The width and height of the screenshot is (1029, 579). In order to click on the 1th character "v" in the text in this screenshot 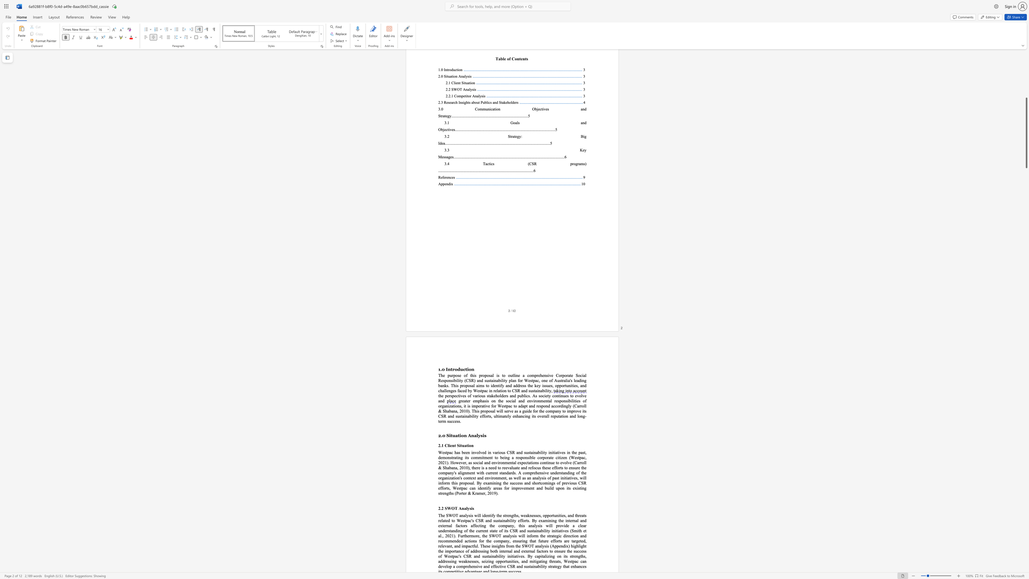, I will do `click(550, 375)`.